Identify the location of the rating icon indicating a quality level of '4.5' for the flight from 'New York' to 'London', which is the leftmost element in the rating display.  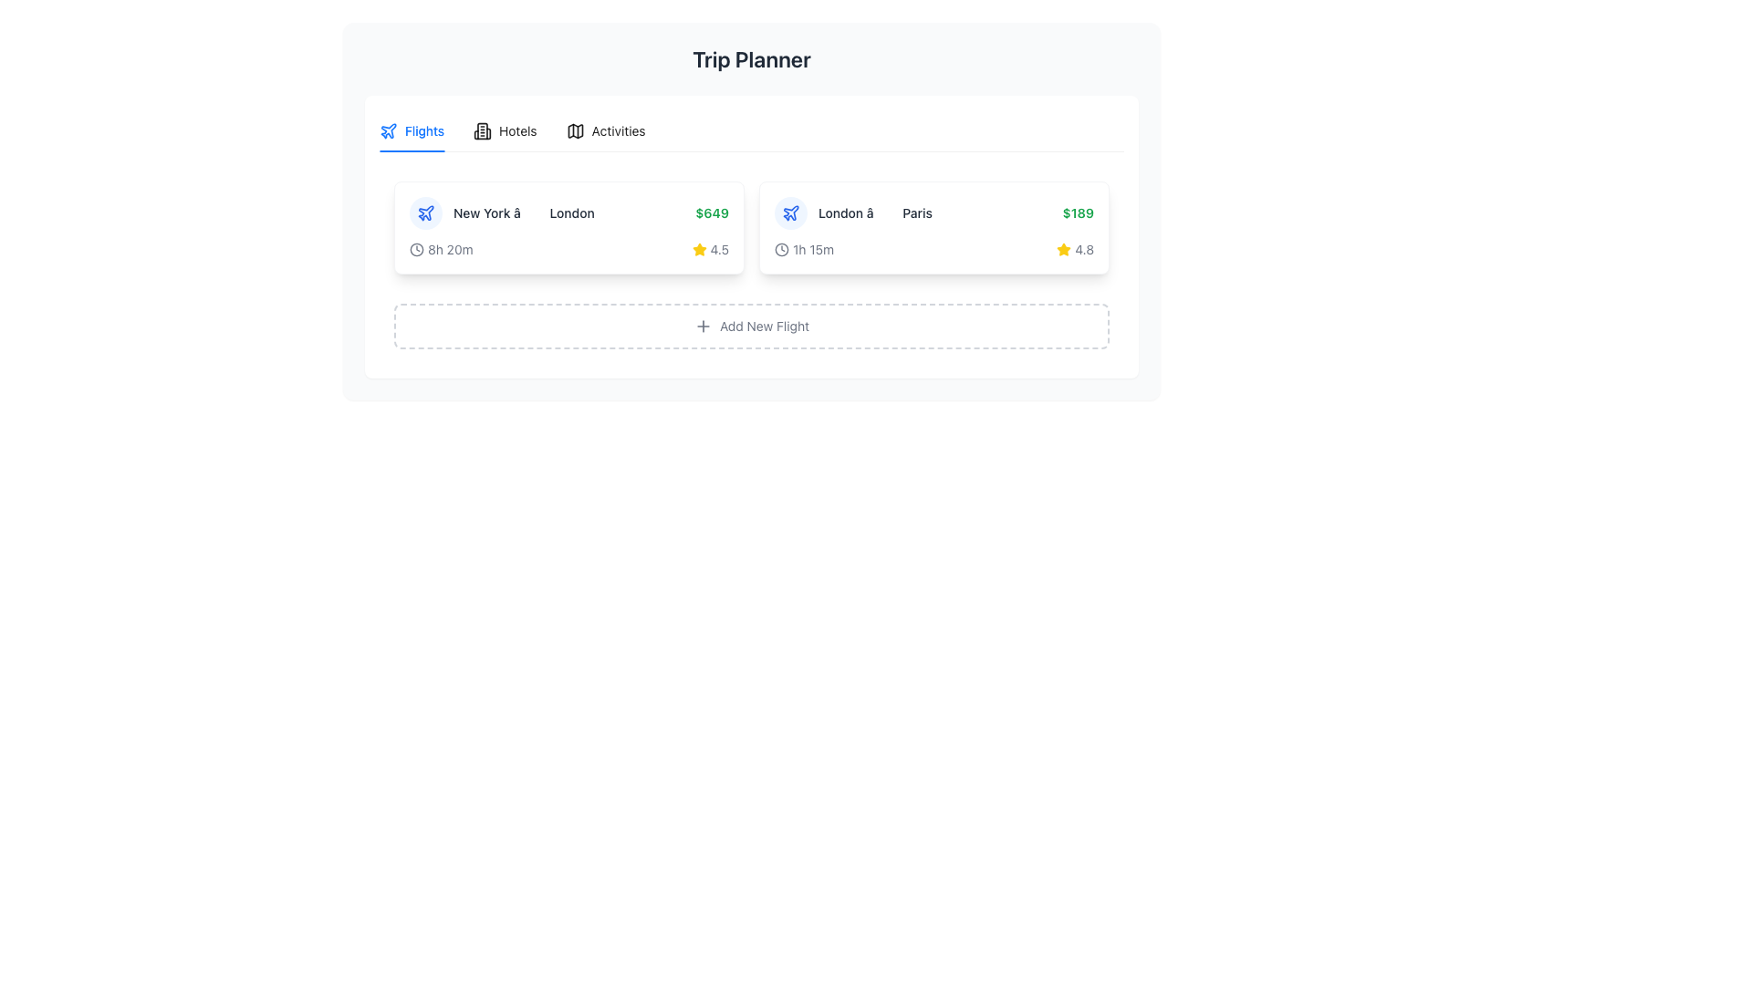
(698, 249).